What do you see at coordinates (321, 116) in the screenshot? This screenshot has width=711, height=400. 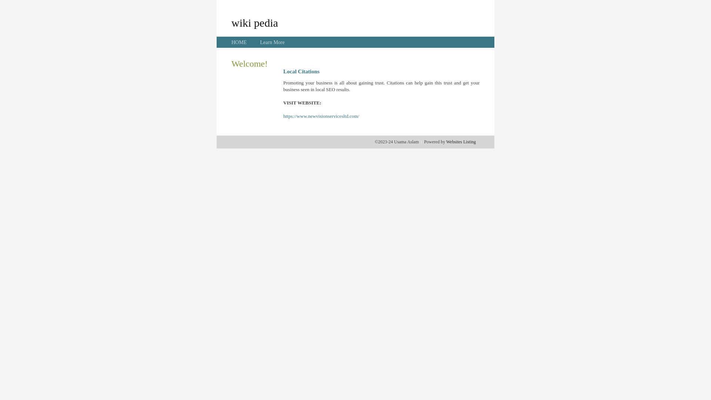 I see `'https://www.newvisionservicesltd.com/'` at bounding box center [321, 116].